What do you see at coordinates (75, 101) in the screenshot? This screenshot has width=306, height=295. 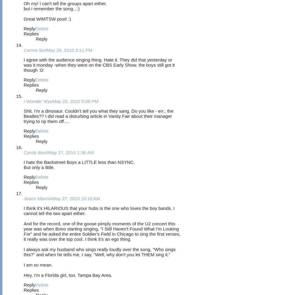 I see `'May 26, 2010 5:08 PM'` at bounding box center [75, 101].